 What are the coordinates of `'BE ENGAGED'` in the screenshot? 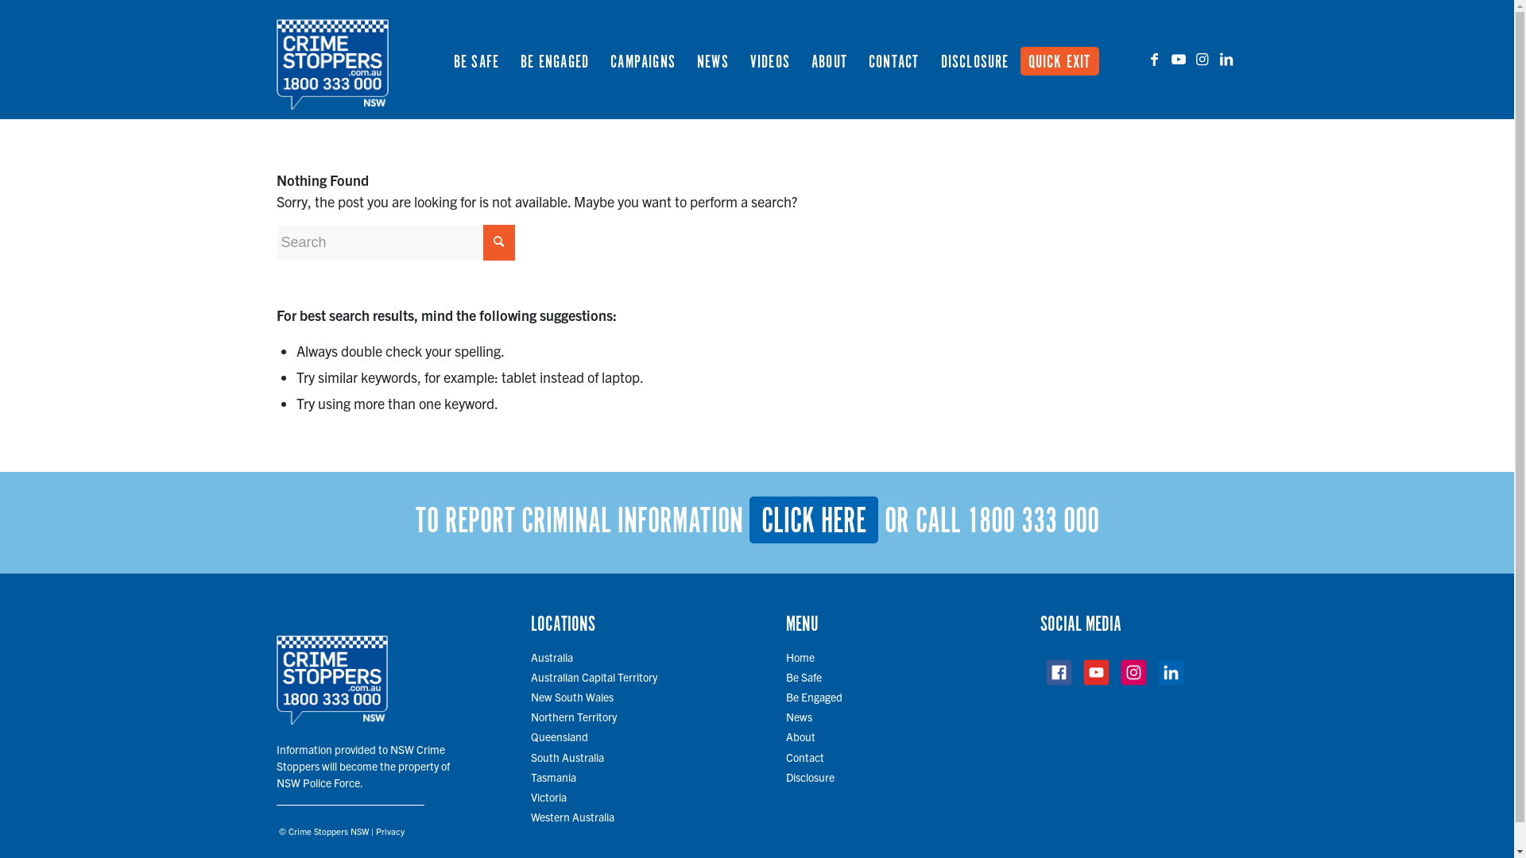 It's located at (554, 58).